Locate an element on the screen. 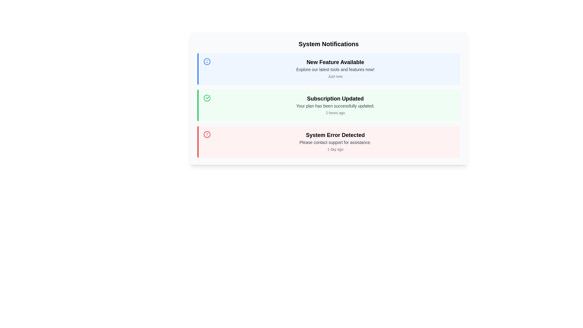  the success icon located in the second notification block, to the left of the 'Subscription Updated' text, which is highlighted in green is located at coordinates (207, 98).